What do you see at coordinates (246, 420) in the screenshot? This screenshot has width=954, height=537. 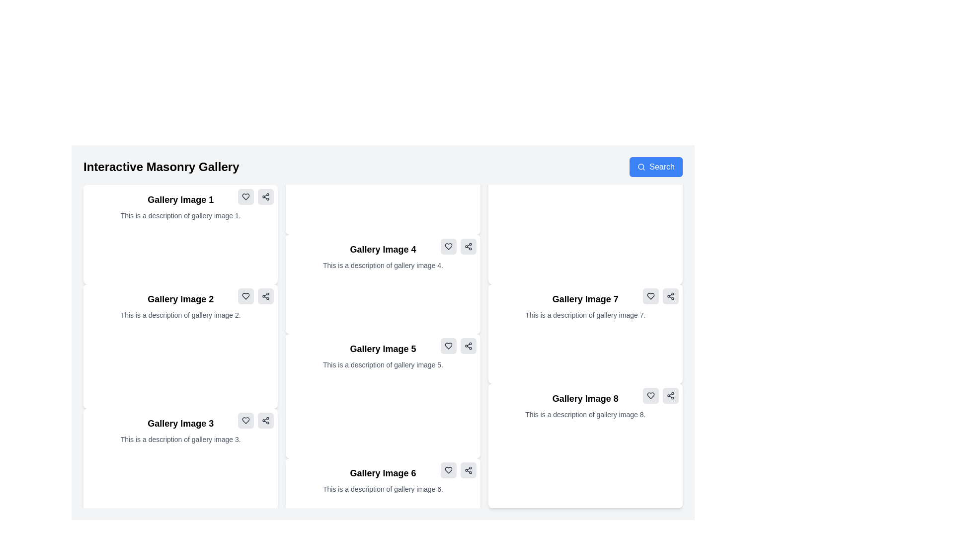 I see `the heart-shaped icon with a black outline located within a grey button in the bottom right corner adjacent to the 'Gallery Image 3' card` at bounding box center [246, 420].